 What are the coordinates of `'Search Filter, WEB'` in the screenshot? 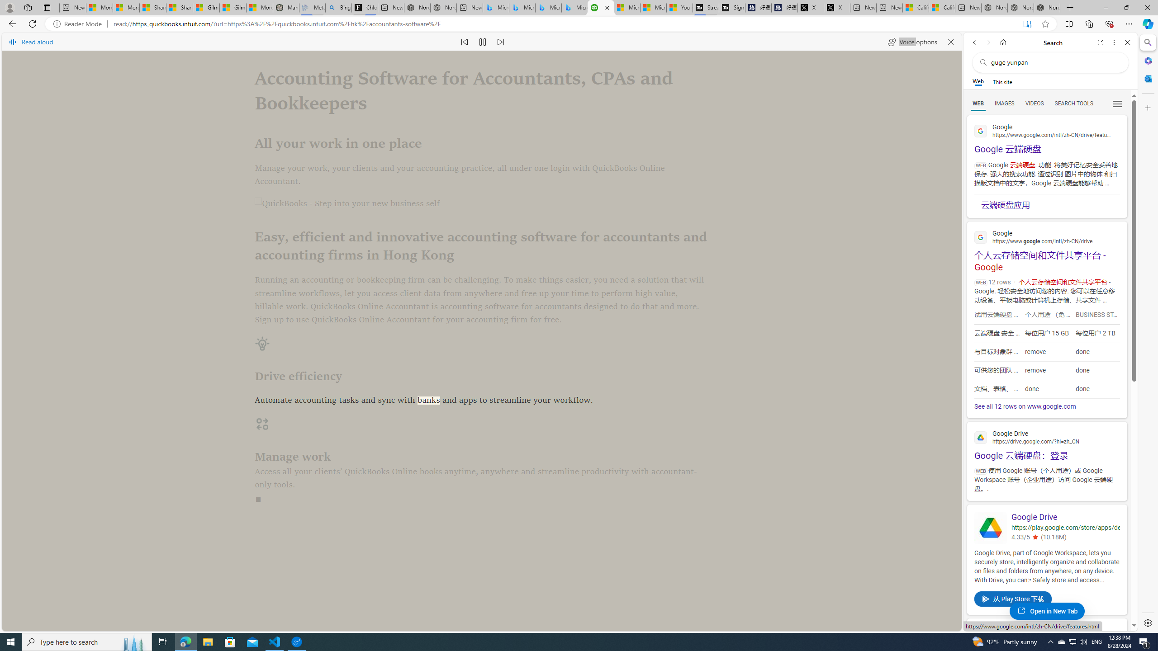 It's located at (978, 103).